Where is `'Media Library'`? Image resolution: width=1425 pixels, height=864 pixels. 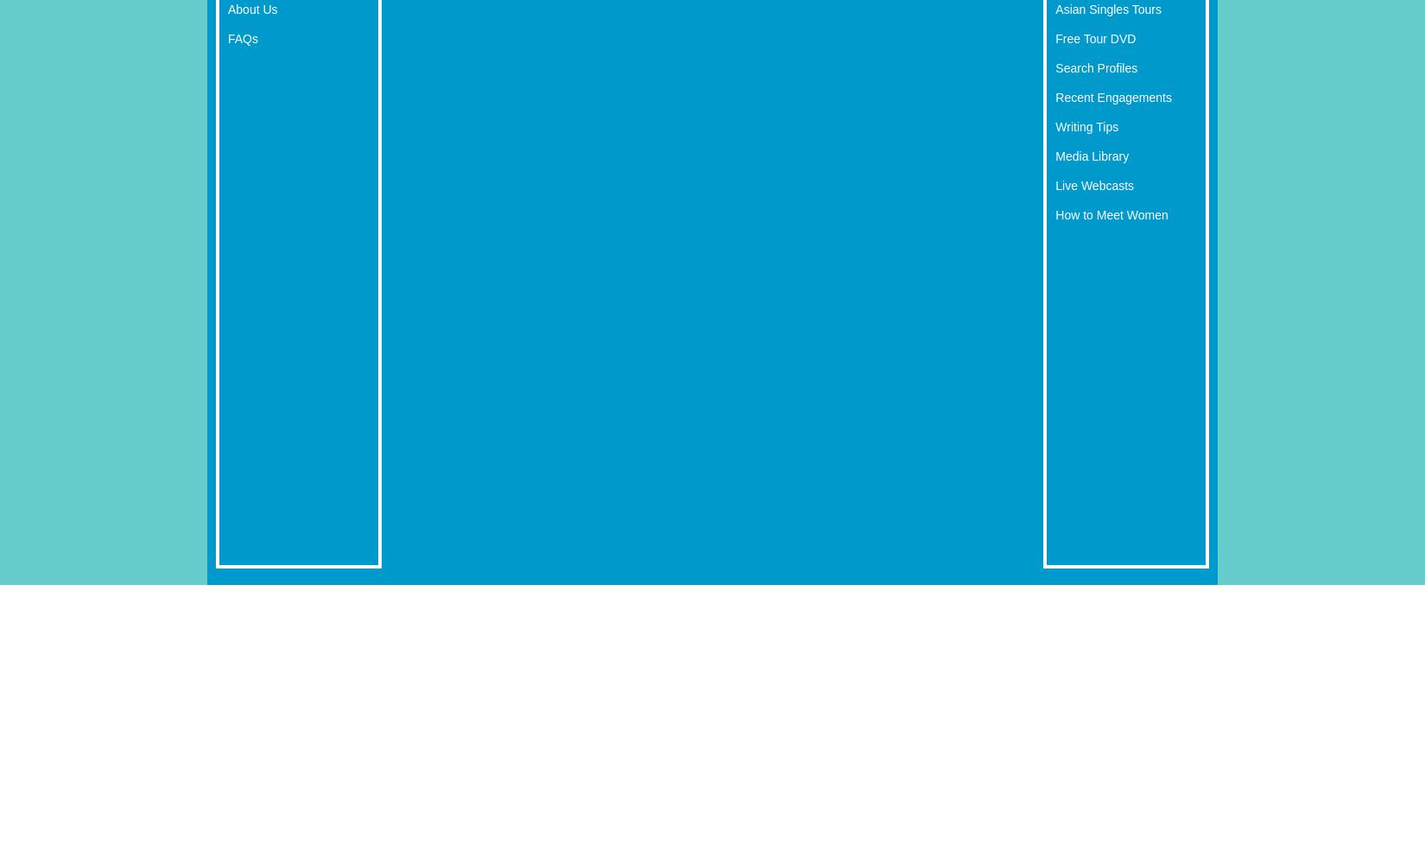
'Media Library' is located at coordinates (1054, 156).